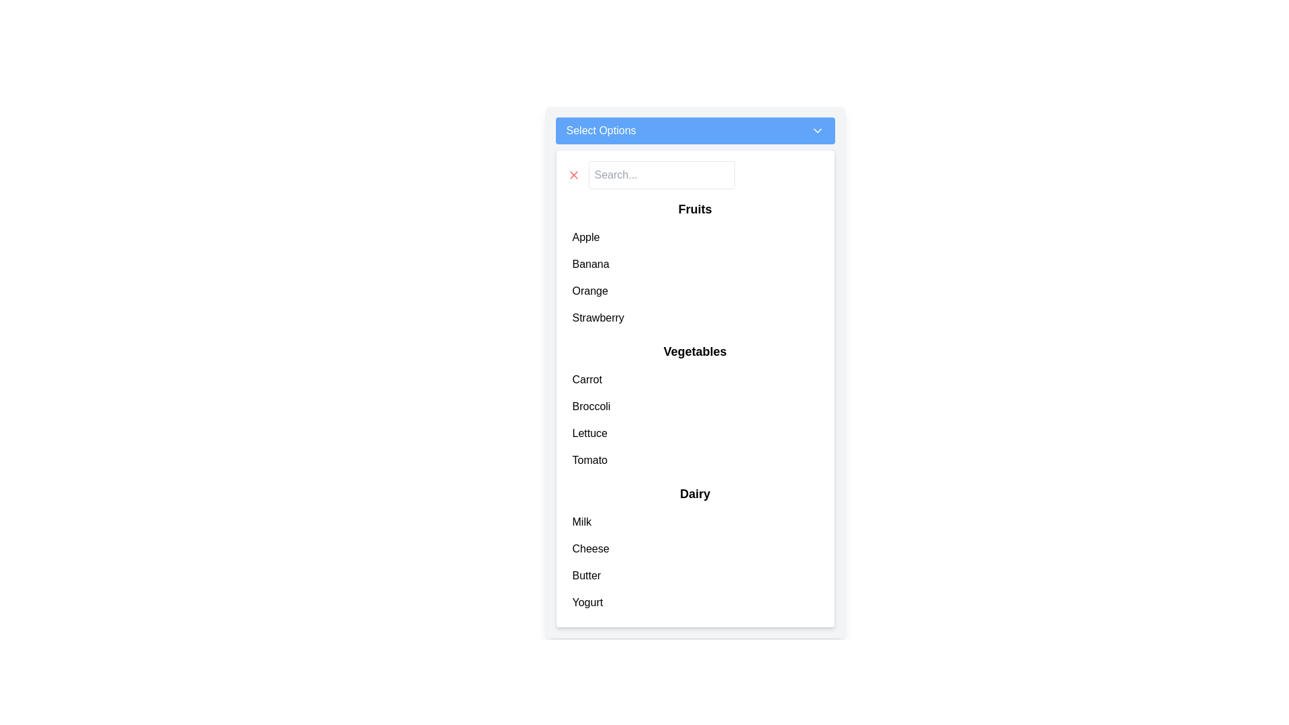 The width and height of the screenshot is (1289, 725). Describe the element at coordinates (600, 131) in the screenshot. I see `the text label located near the top-left corner of the blue rectangular region, which serves as a title for a dropdown menu` at that location.